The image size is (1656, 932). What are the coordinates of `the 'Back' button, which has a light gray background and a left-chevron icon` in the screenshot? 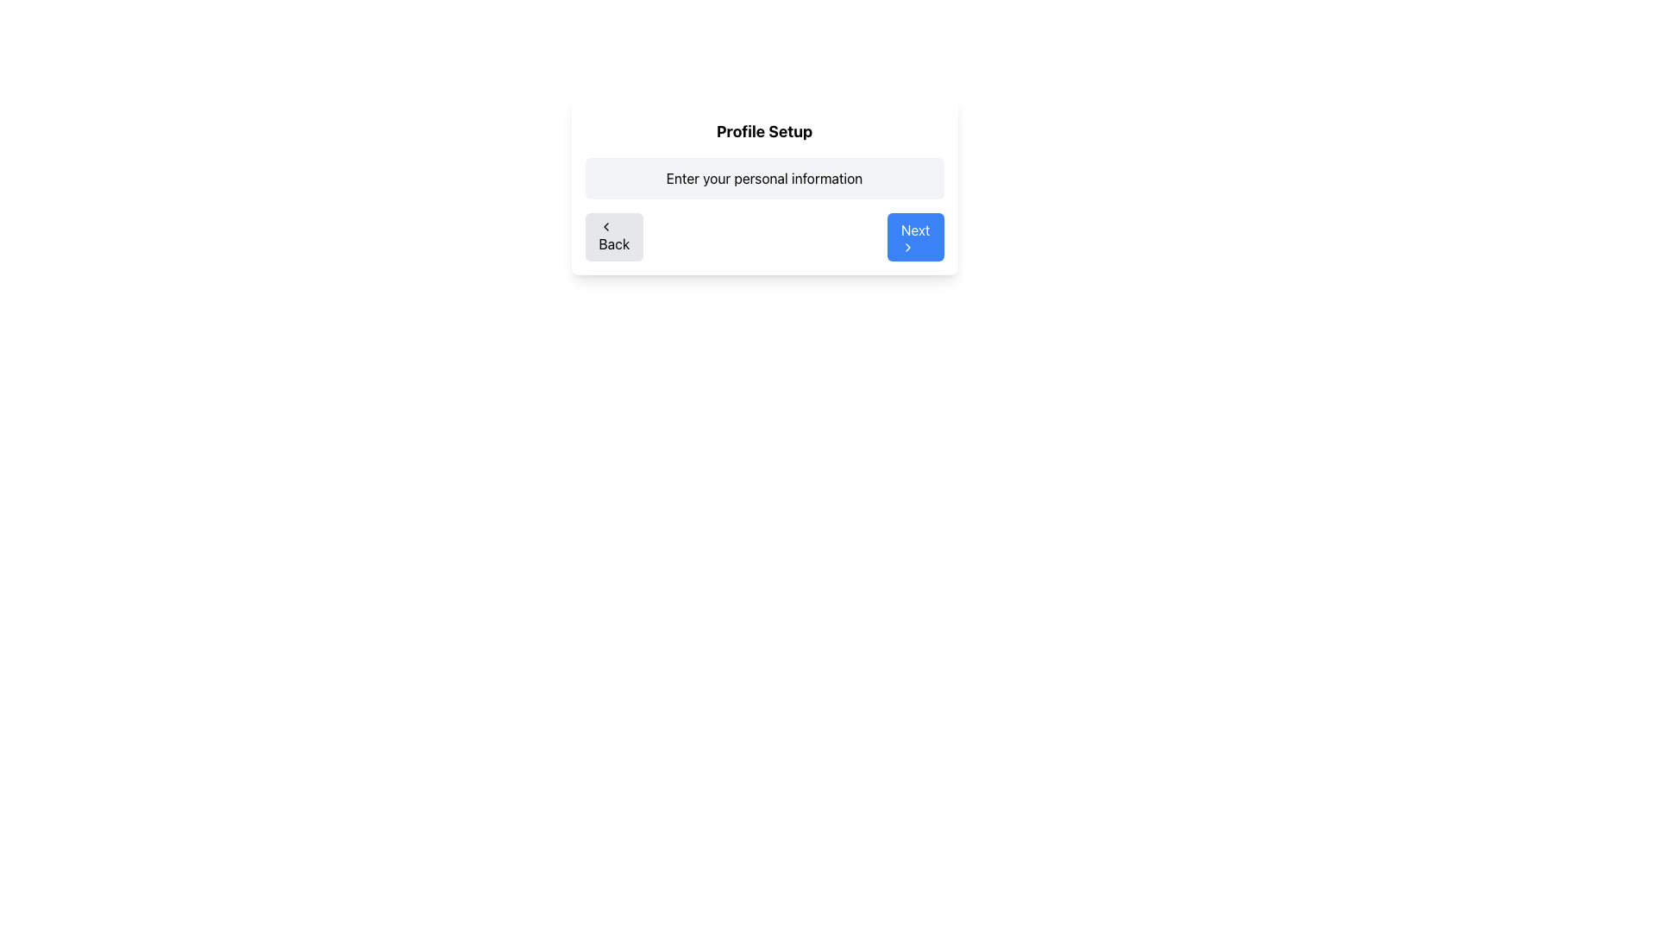 It's located at (614, 236).